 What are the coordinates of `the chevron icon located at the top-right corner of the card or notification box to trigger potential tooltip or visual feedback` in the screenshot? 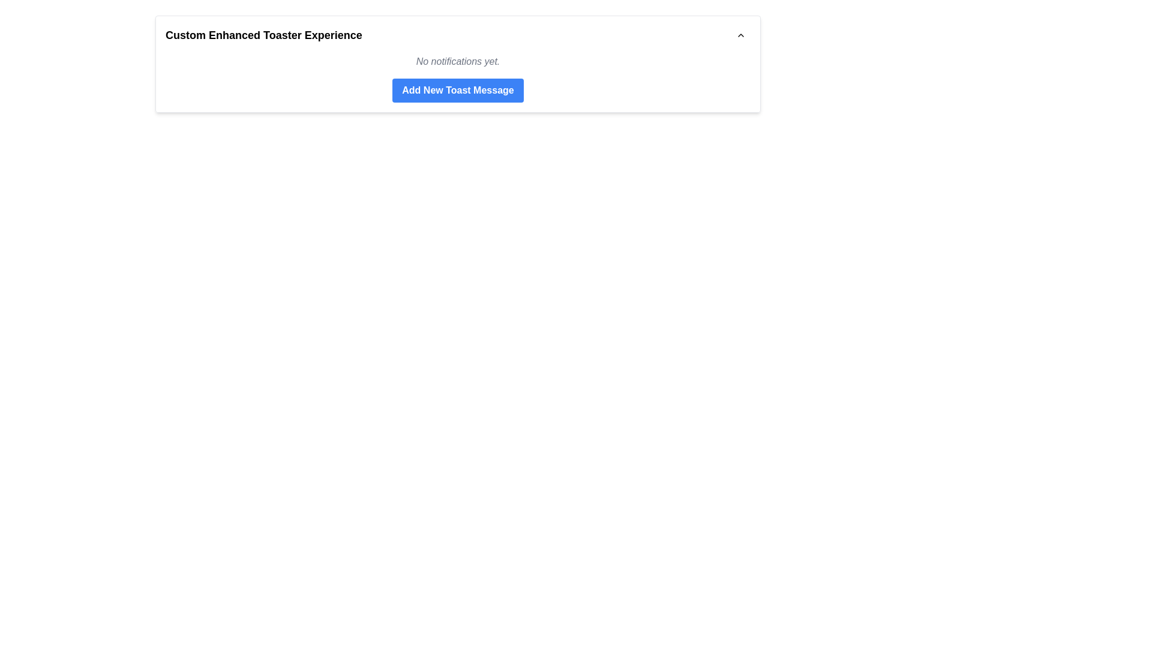 It's located at (740, 34).